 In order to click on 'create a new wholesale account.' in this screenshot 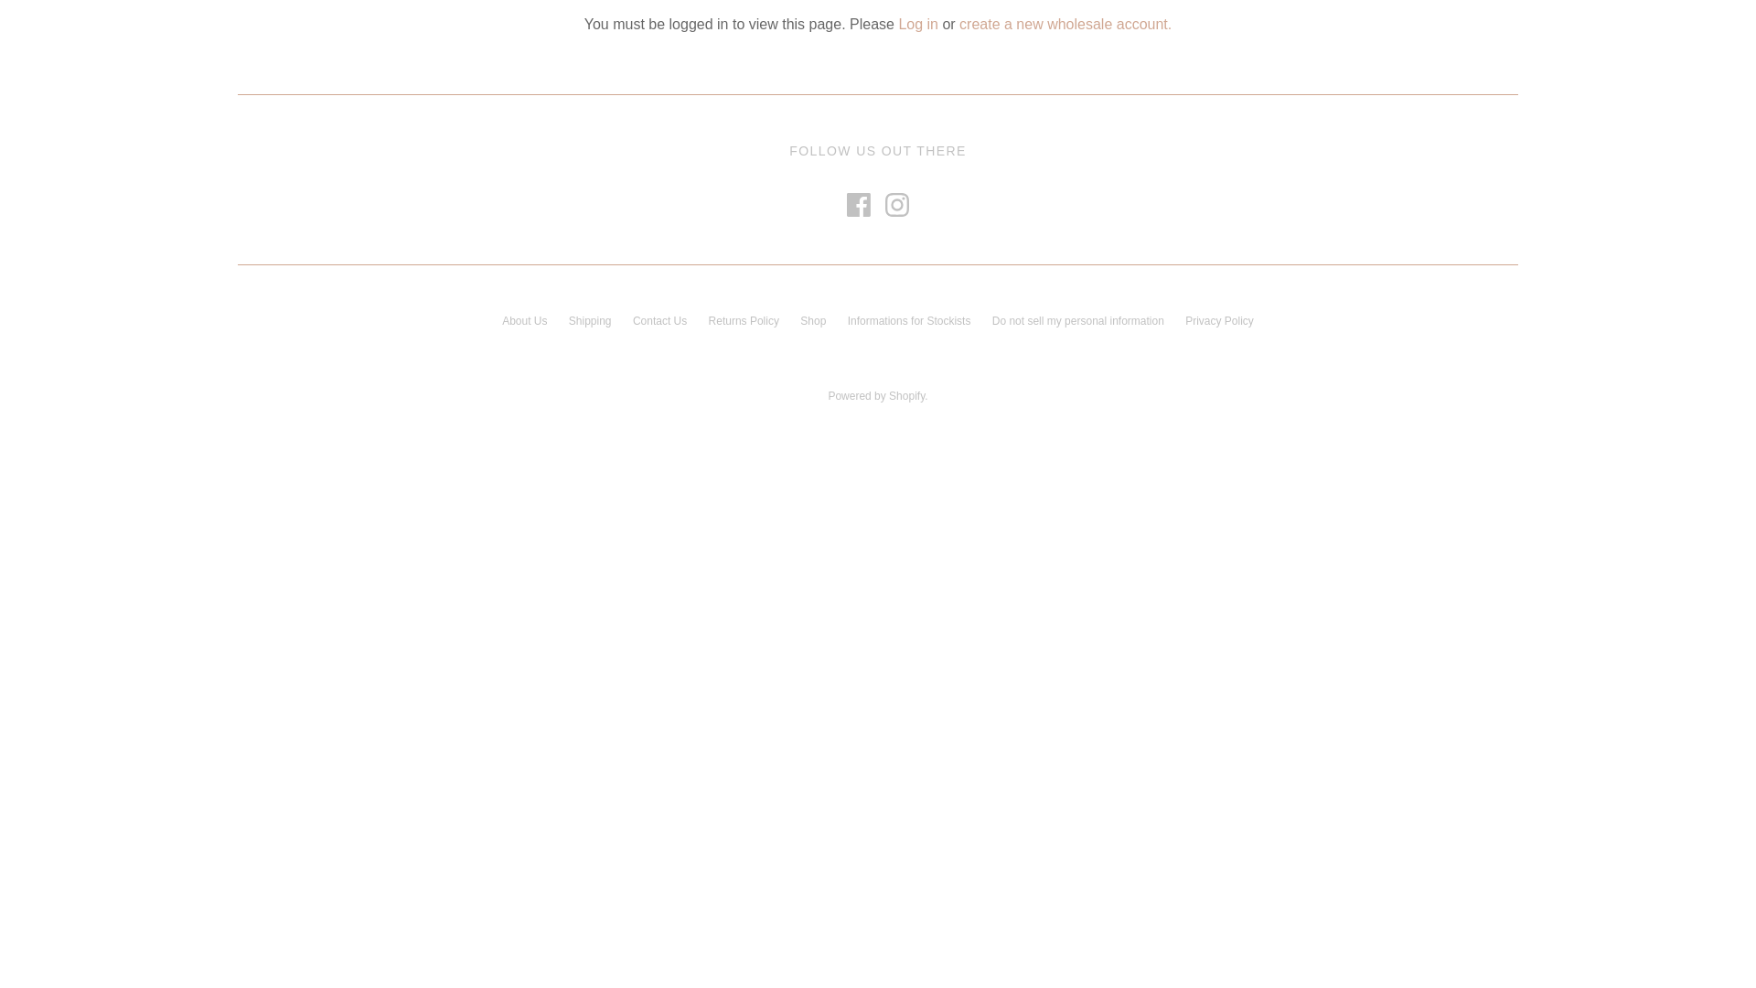, I will do `click(958, 24)`.